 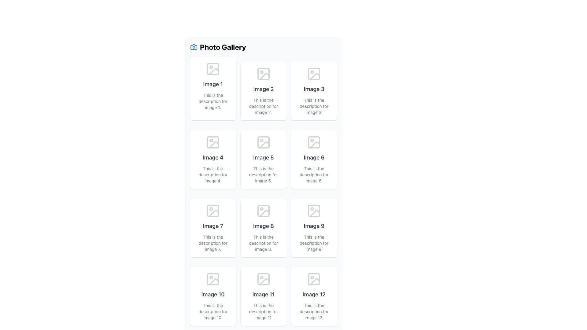 I want to click on the decorative graphical component that indicates a specific state or feature related to the image placeholder for 'Image 6' in the third column of the second row of the grid layout, so click(x=314, y=142).